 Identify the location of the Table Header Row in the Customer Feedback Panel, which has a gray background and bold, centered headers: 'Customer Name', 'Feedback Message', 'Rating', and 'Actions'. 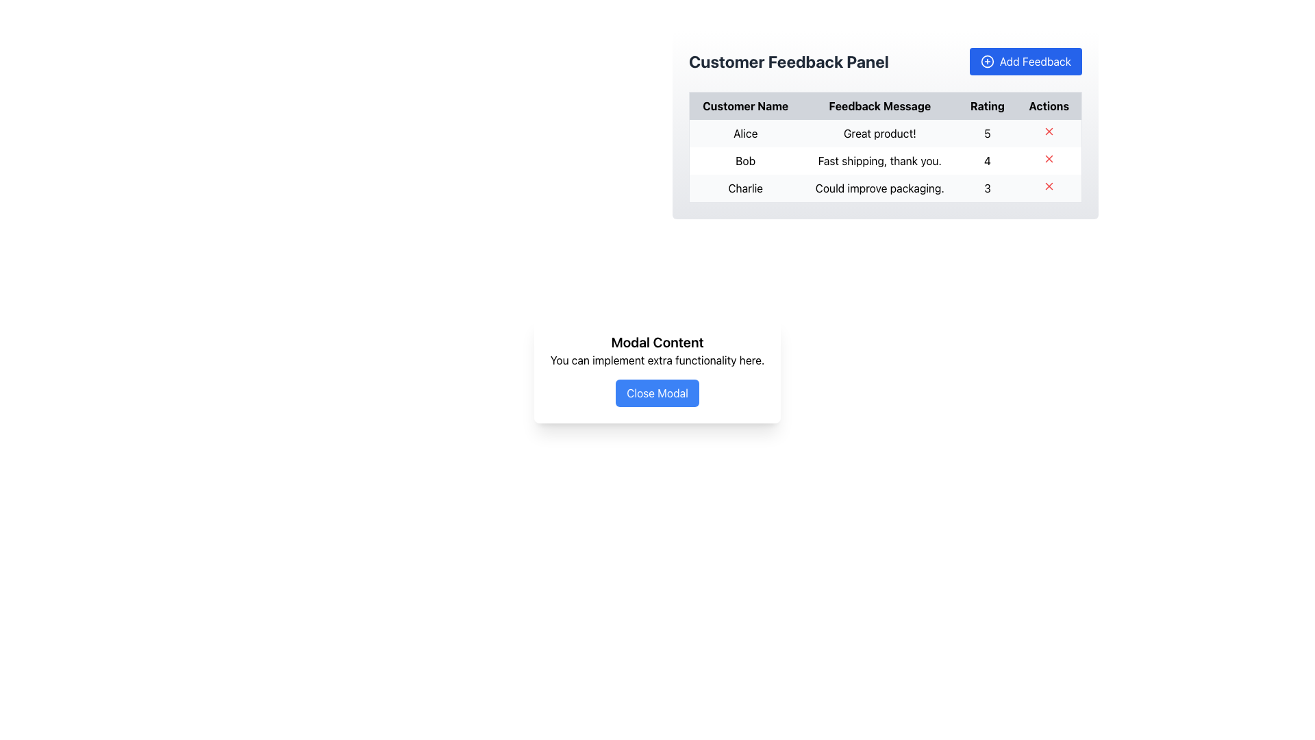
(885, 105).